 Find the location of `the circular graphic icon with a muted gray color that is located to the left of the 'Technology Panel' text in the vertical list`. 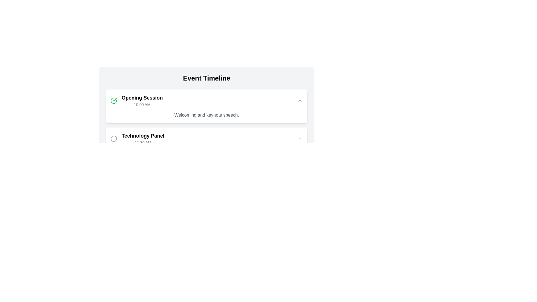

the circular graphic icon with a muted gray color that is located to the left of the 'Technology Panel' text in the vertical list is located at coordinates (114, 138).